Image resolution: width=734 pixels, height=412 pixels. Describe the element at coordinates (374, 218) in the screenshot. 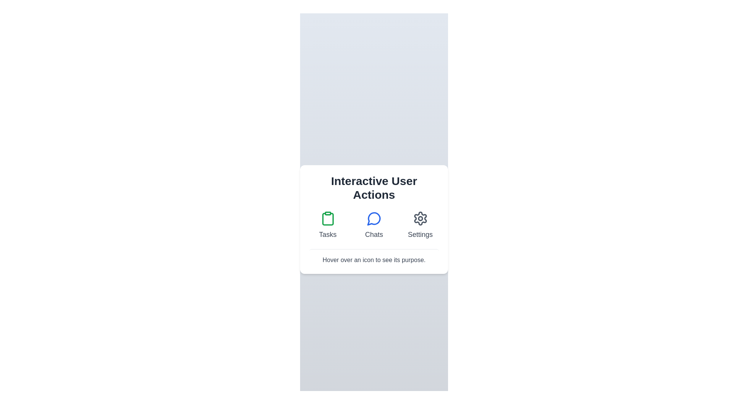

I see `the blue circular icon resembling a speech bubble, which is aligned above the 'Chats' label and between the 'Tasks' and 'Settings' icons` at that location.